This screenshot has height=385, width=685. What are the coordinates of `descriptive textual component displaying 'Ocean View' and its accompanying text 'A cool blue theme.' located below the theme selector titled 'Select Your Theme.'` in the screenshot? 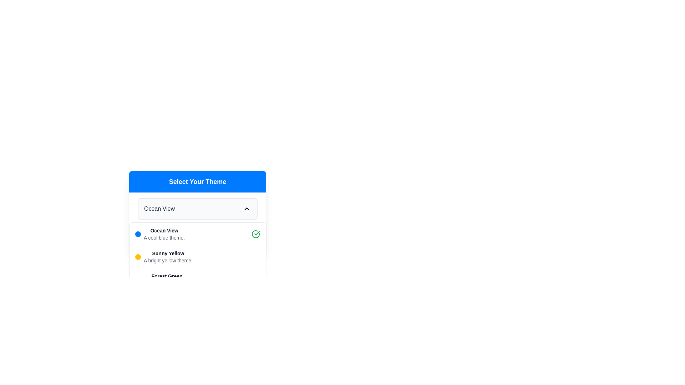 It's located at (164, 234).